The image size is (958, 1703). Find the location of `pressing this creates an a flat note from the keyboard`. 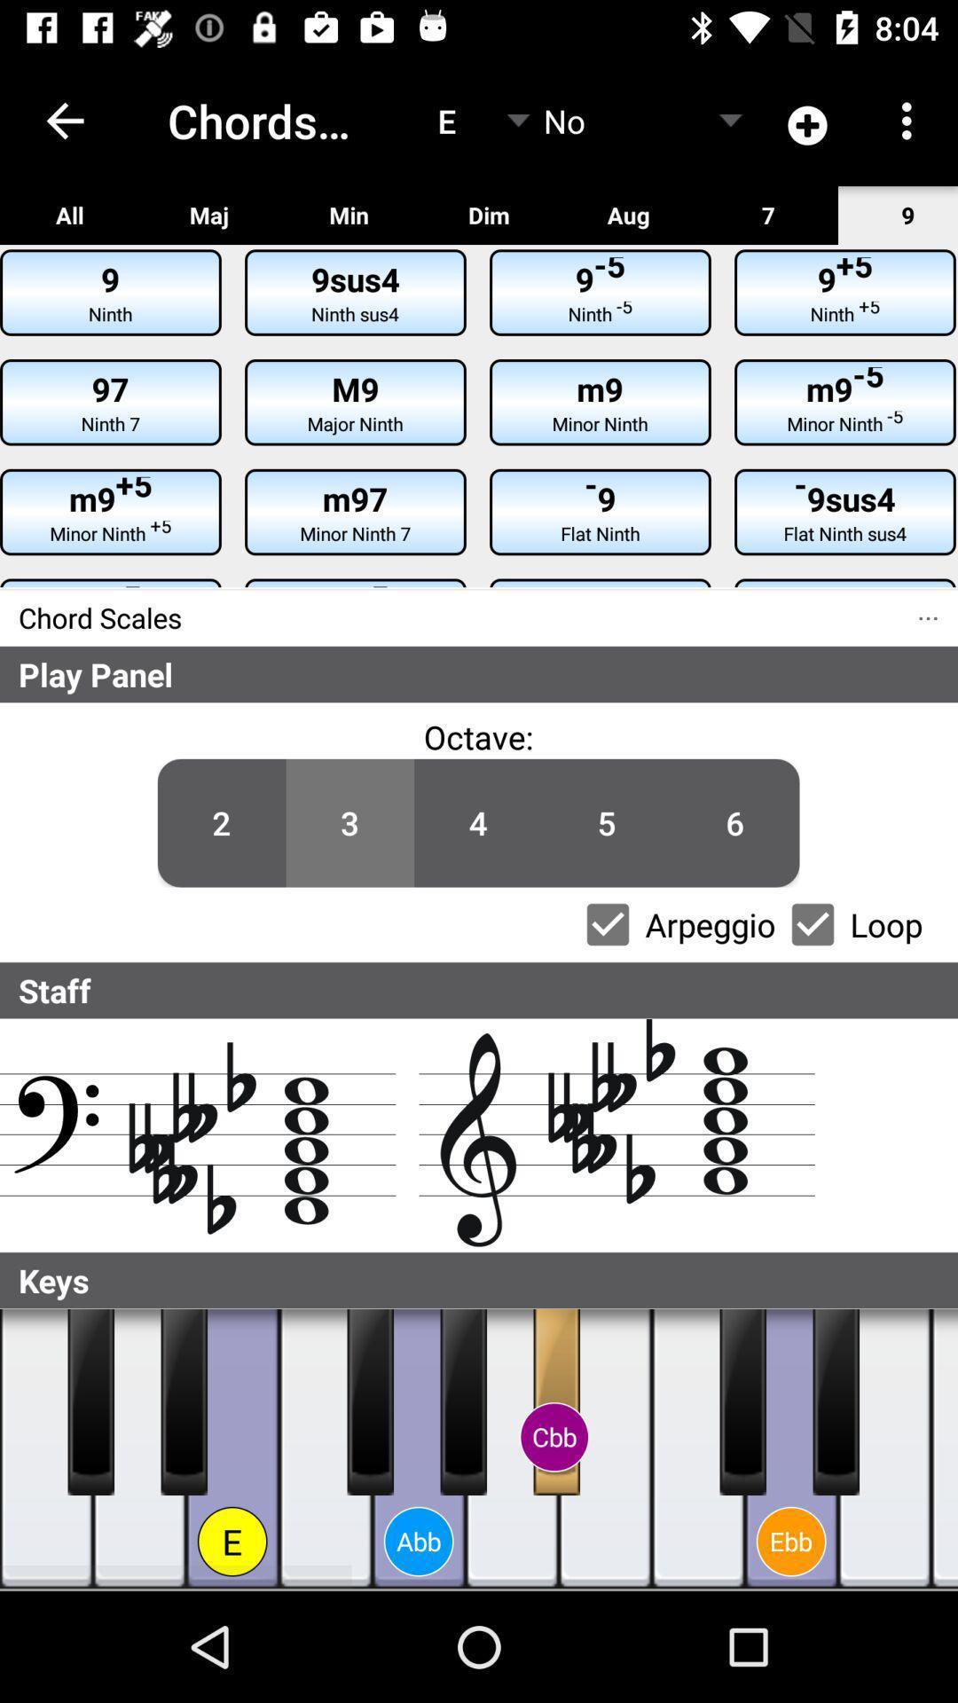

pressing this creates an a flat note from the keyboard is located at coordinates (419, 1448).